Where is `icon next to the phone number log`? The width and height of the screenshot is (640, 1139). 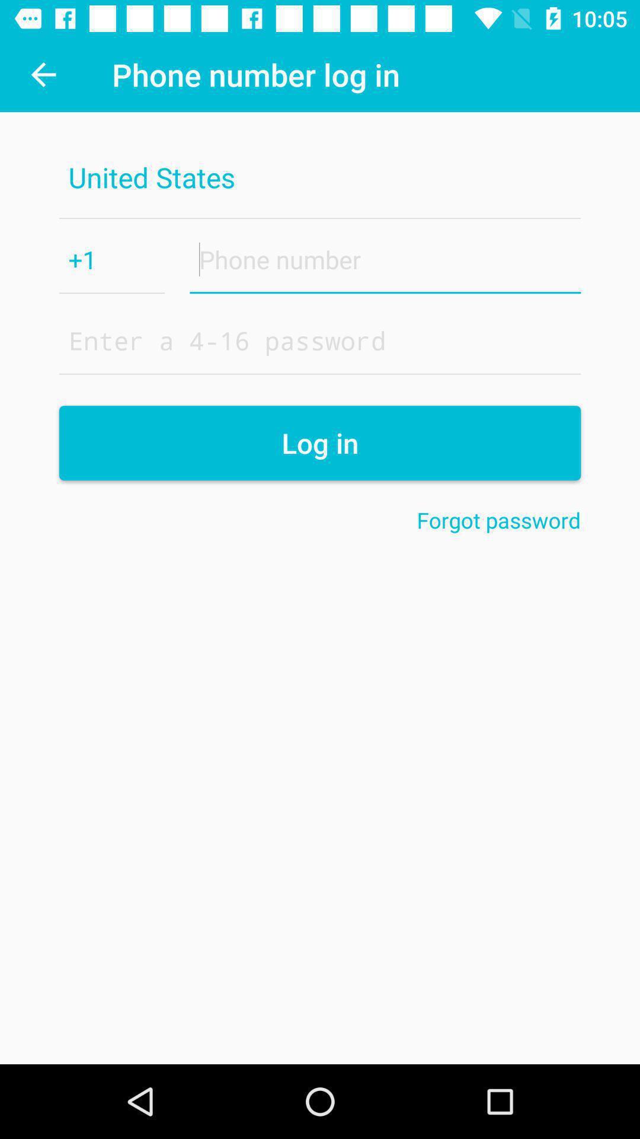 icon next to the phone number log is located at coordinates (43, 74).